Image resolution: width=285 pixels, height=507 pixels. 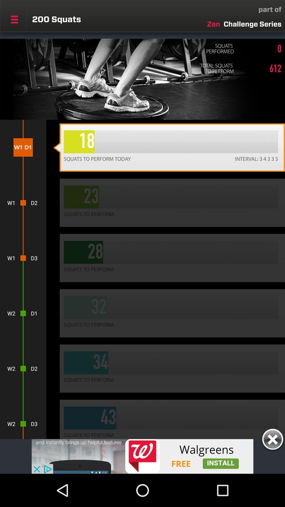 I want to click on the menu icon, so click(x=14, y=19).